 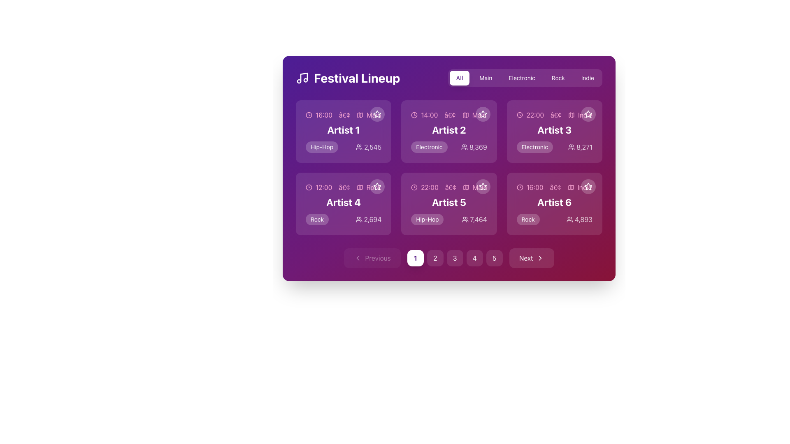 I want to click on the graphical map icon located in the top-right quadrant of the interface to interact with the map feature, so click(x=571, y=115).